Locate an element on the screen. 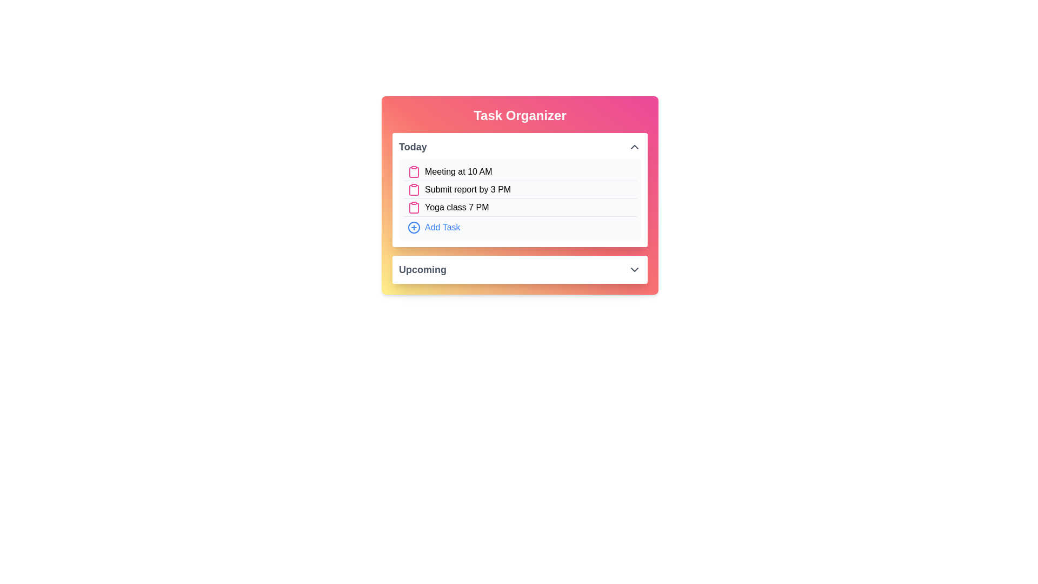  the icon located in the 'Today' section of the task organizer is located at coordinates (414, 172).